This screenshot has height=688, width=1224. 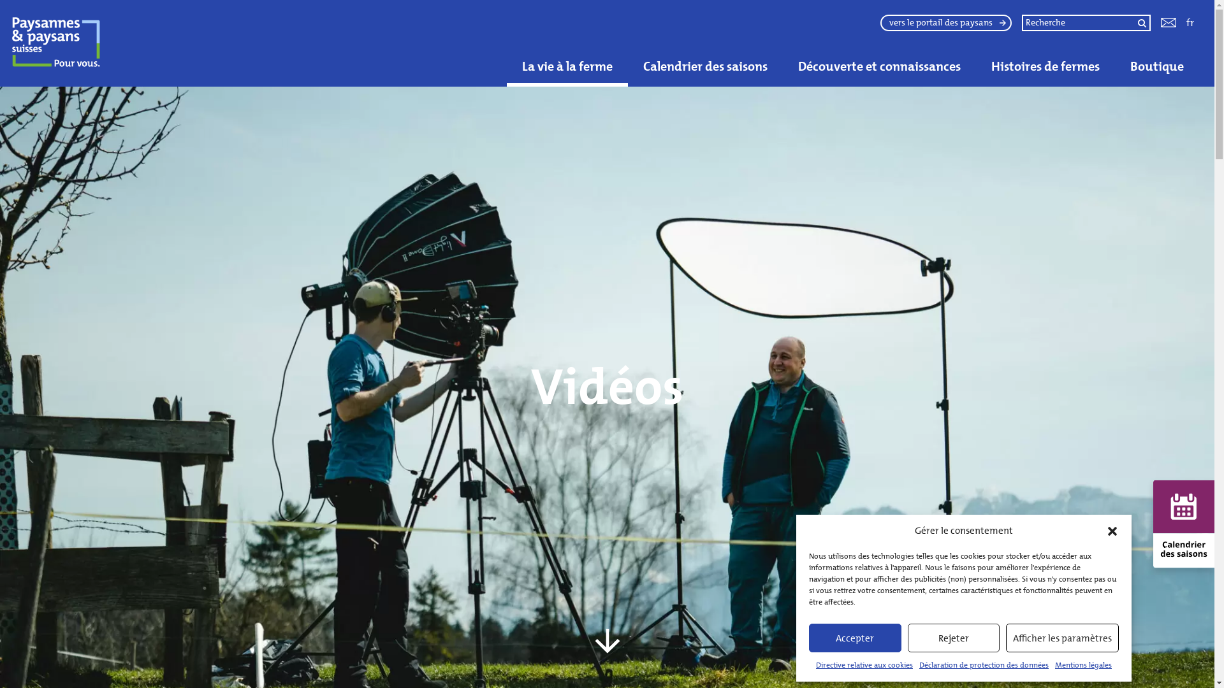 What do you see at coordinates (808, 638) in the screenshot?
I see `'Accepter'` at bounding box center [808, 638].